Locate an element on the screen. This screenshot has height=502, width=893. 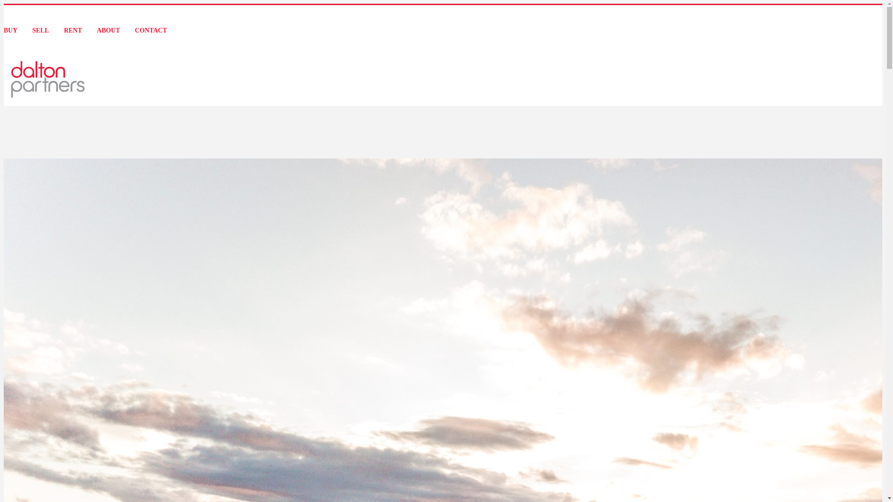
'BUY' is located at coordinates (11, 30).